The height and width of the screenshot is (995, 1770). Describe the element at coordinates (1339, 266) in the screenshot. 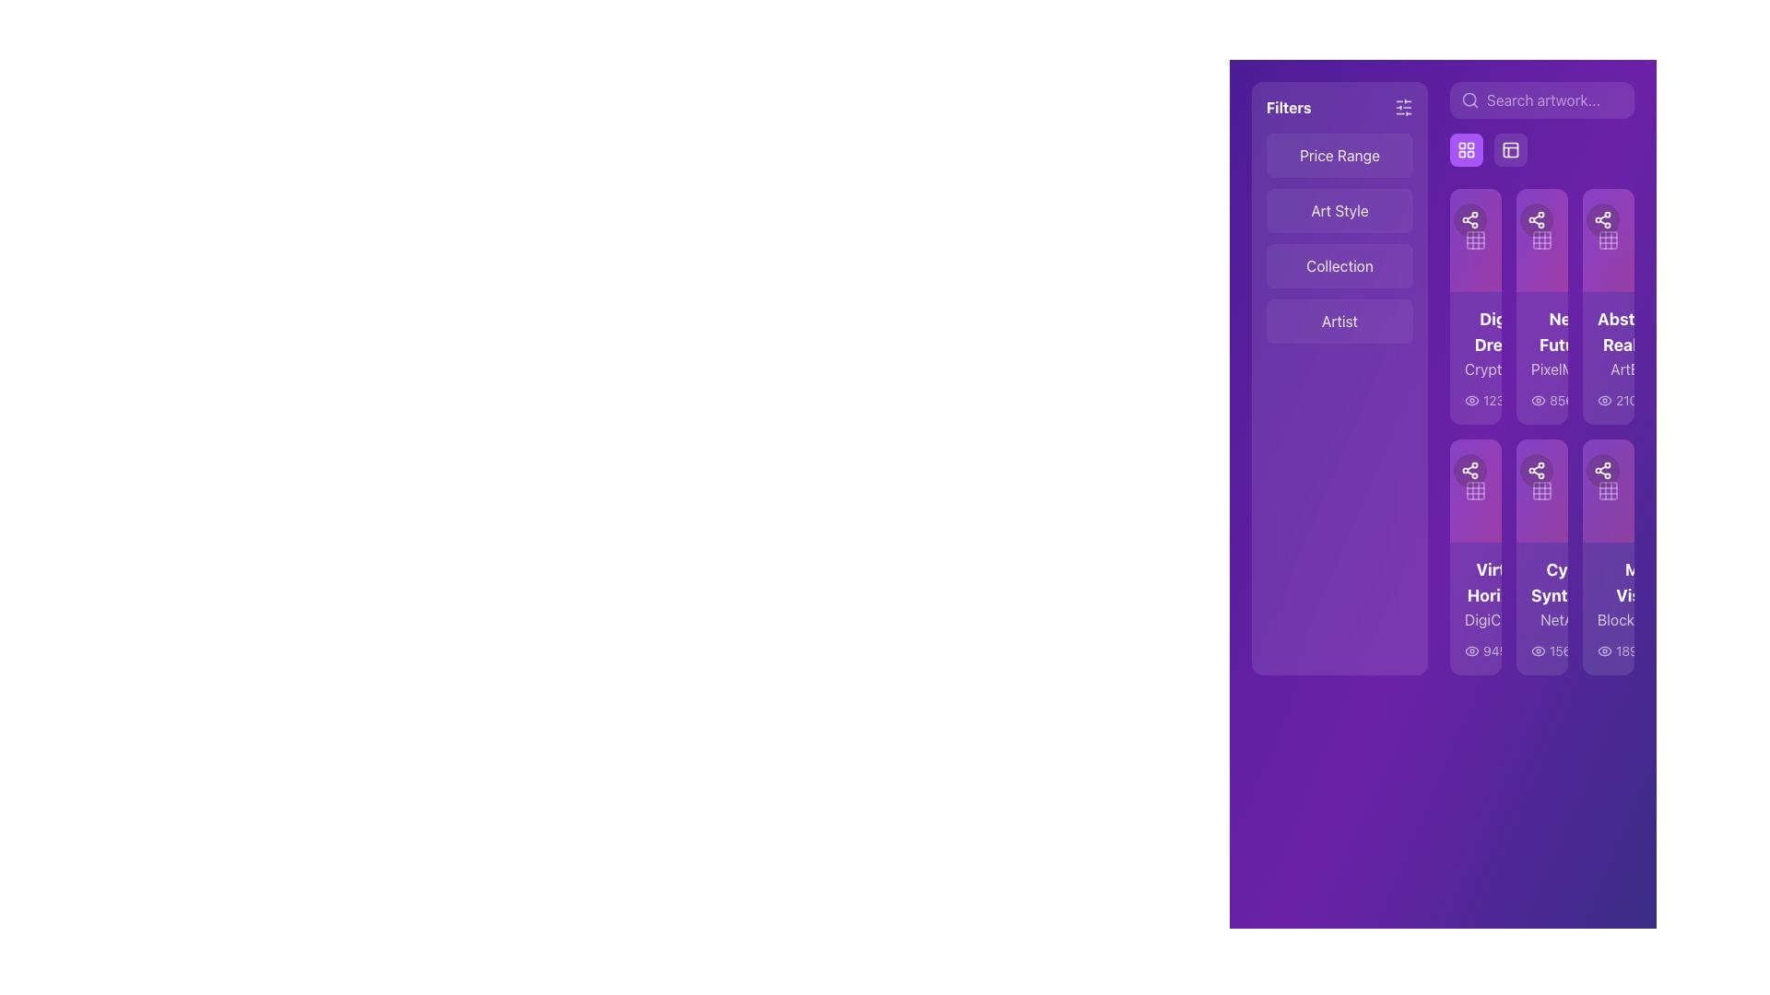

I see `text displayed on the 'Collection' filter category button, which is the third button in a vertical list located in the sidebar menu, positioned between the 'Art Style' and 'Artist' buttons` at that location.